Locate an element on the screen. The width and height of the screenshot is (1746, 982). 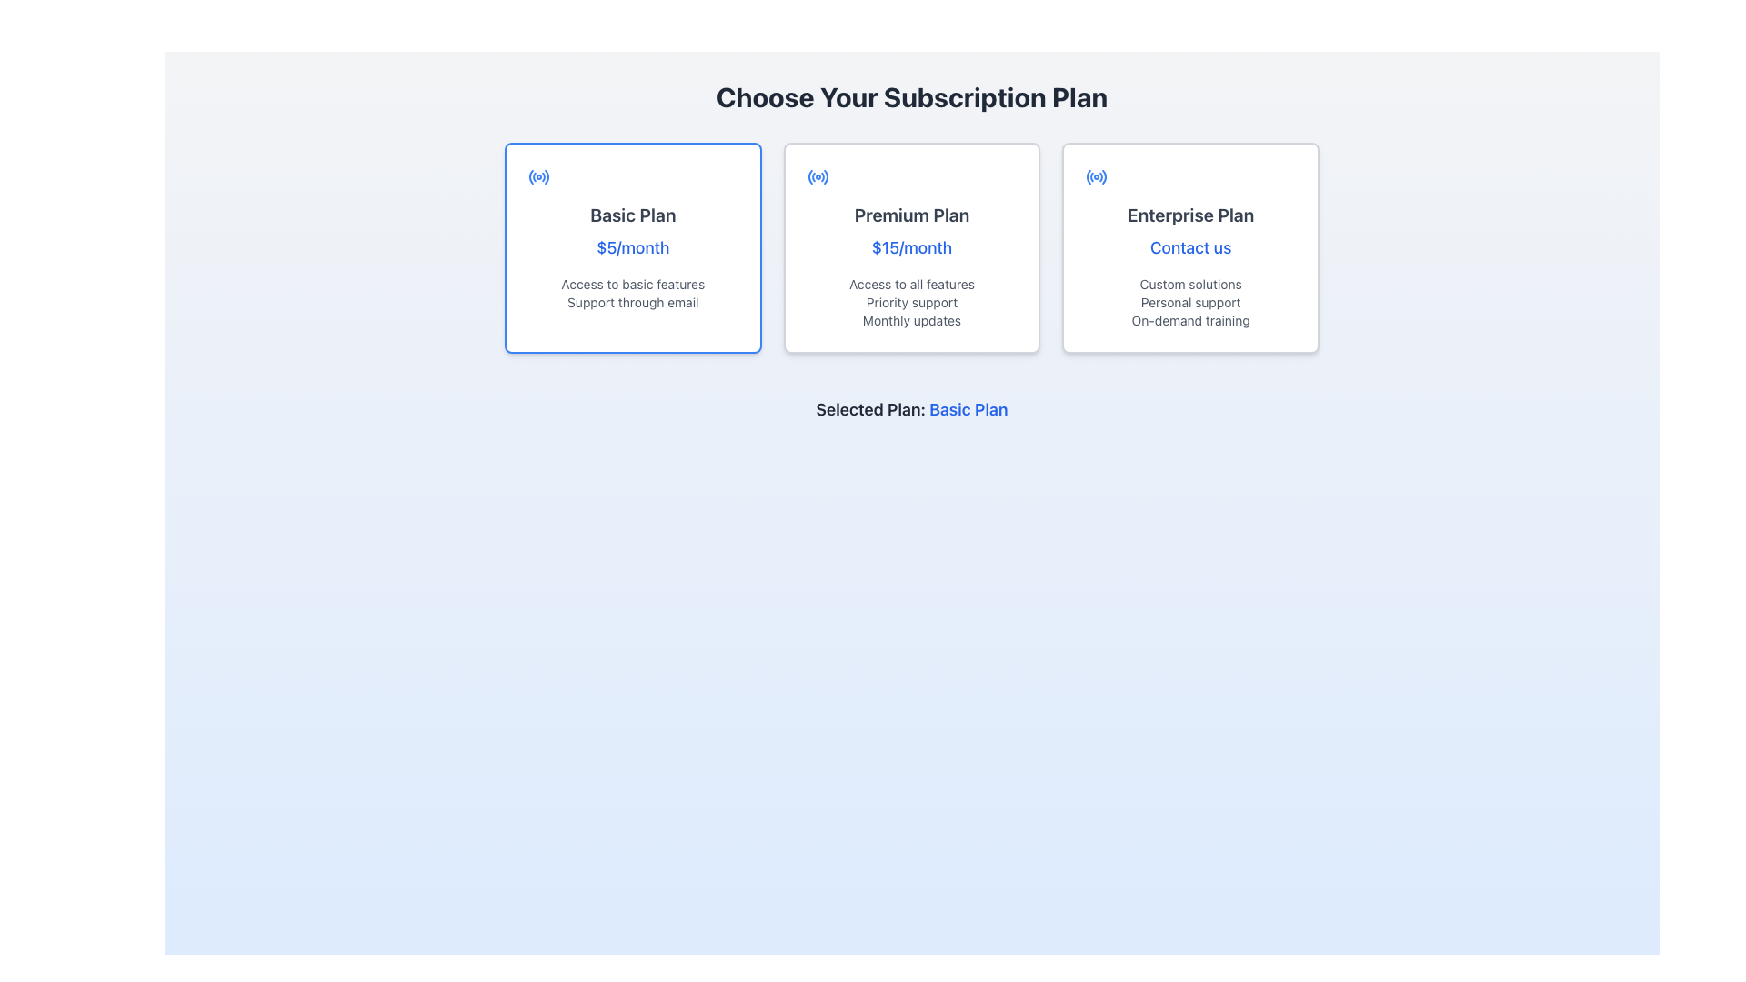
the text element that informs users about email support in the 'Basic Plan', located beneath 'Access to basic features' in the 'Choose Your Subscription Plan' section is located at coordinates (633, 301).